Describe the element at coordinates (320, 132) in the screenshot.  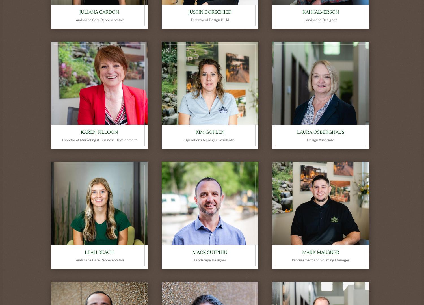
I see `'Laura Osberghaus'` at that location.